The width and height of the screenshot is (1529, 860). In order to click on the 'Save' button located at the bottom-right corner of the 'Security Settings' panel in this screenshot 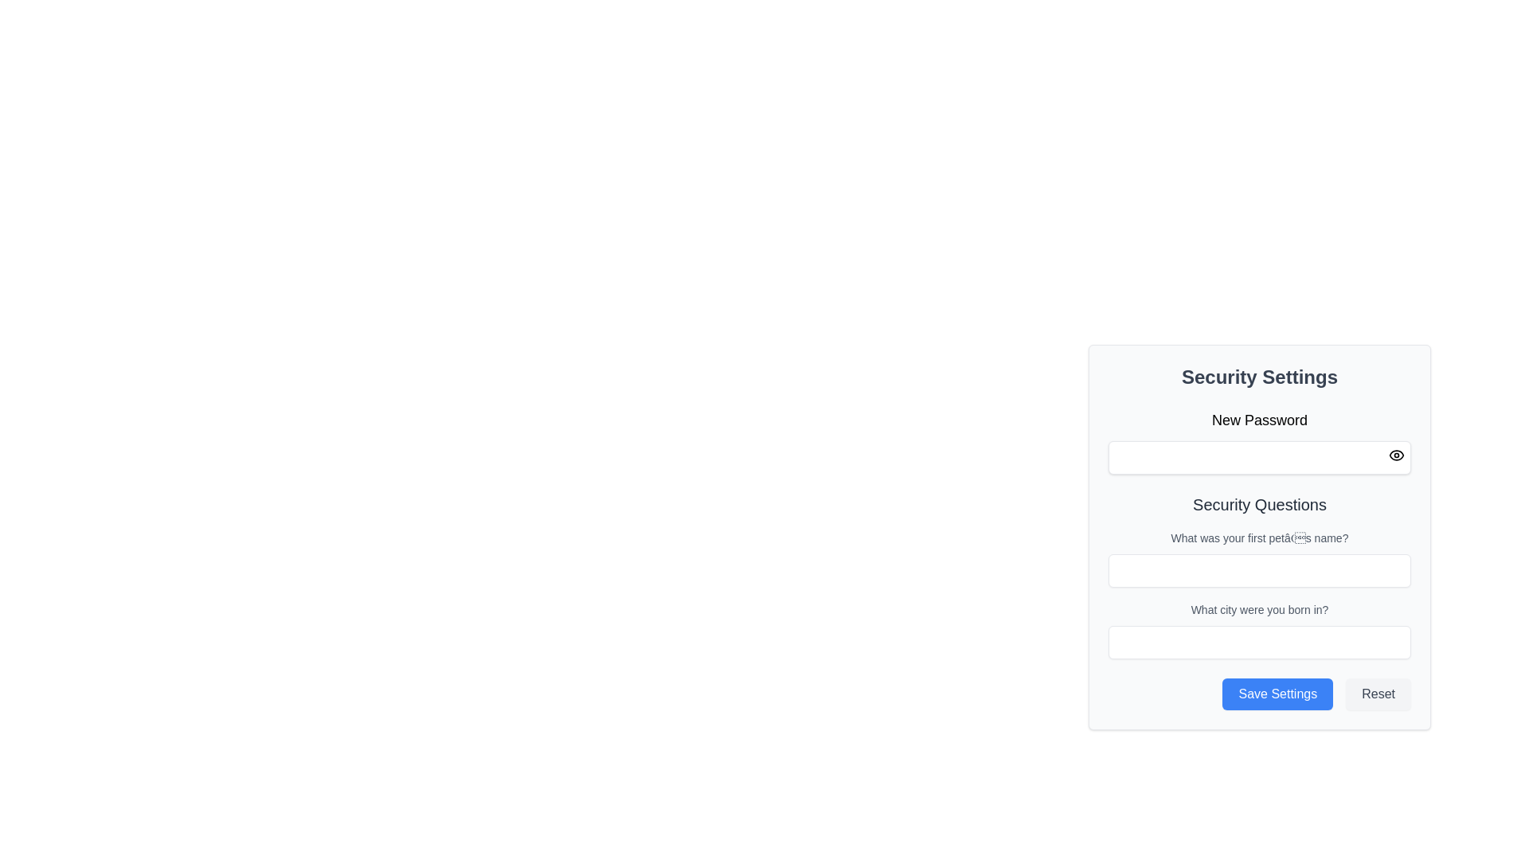, I will do `click(1277, 693)`.